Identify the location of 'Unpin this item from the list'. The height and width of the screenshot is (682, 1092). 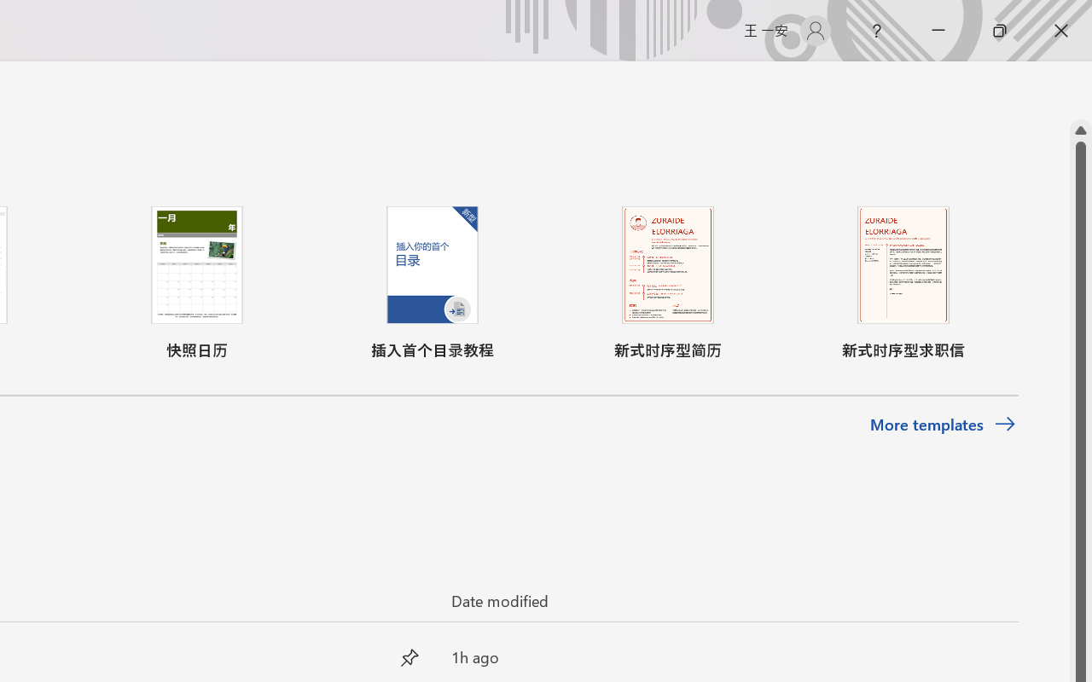
(409, 656).